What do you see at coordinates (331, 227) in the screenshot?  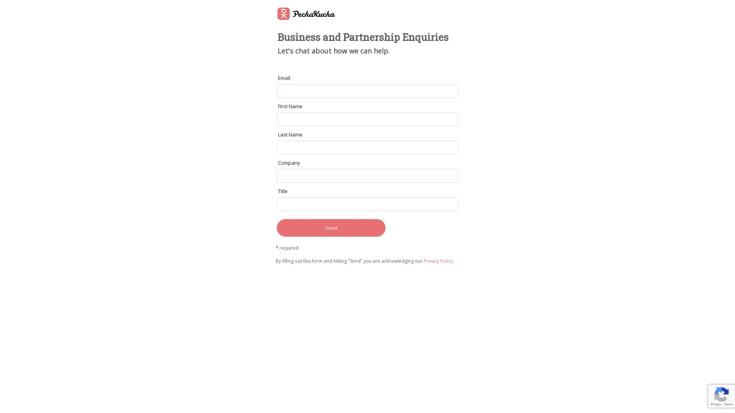 I see `Send` at bounding box center [331, 227].